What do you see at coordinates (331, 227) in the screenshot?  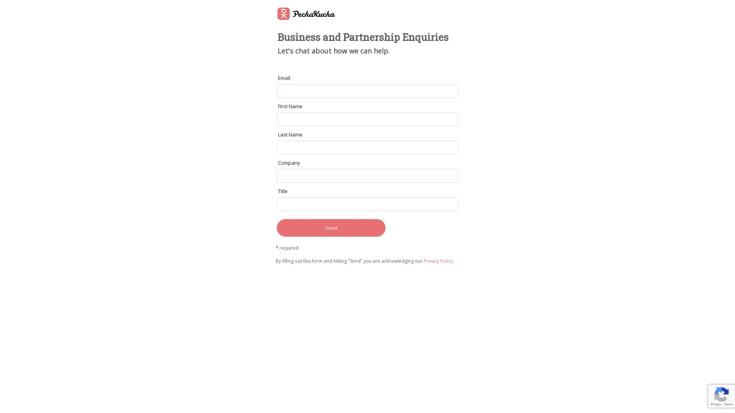 I see `Send` at bounding box center [331, 227].